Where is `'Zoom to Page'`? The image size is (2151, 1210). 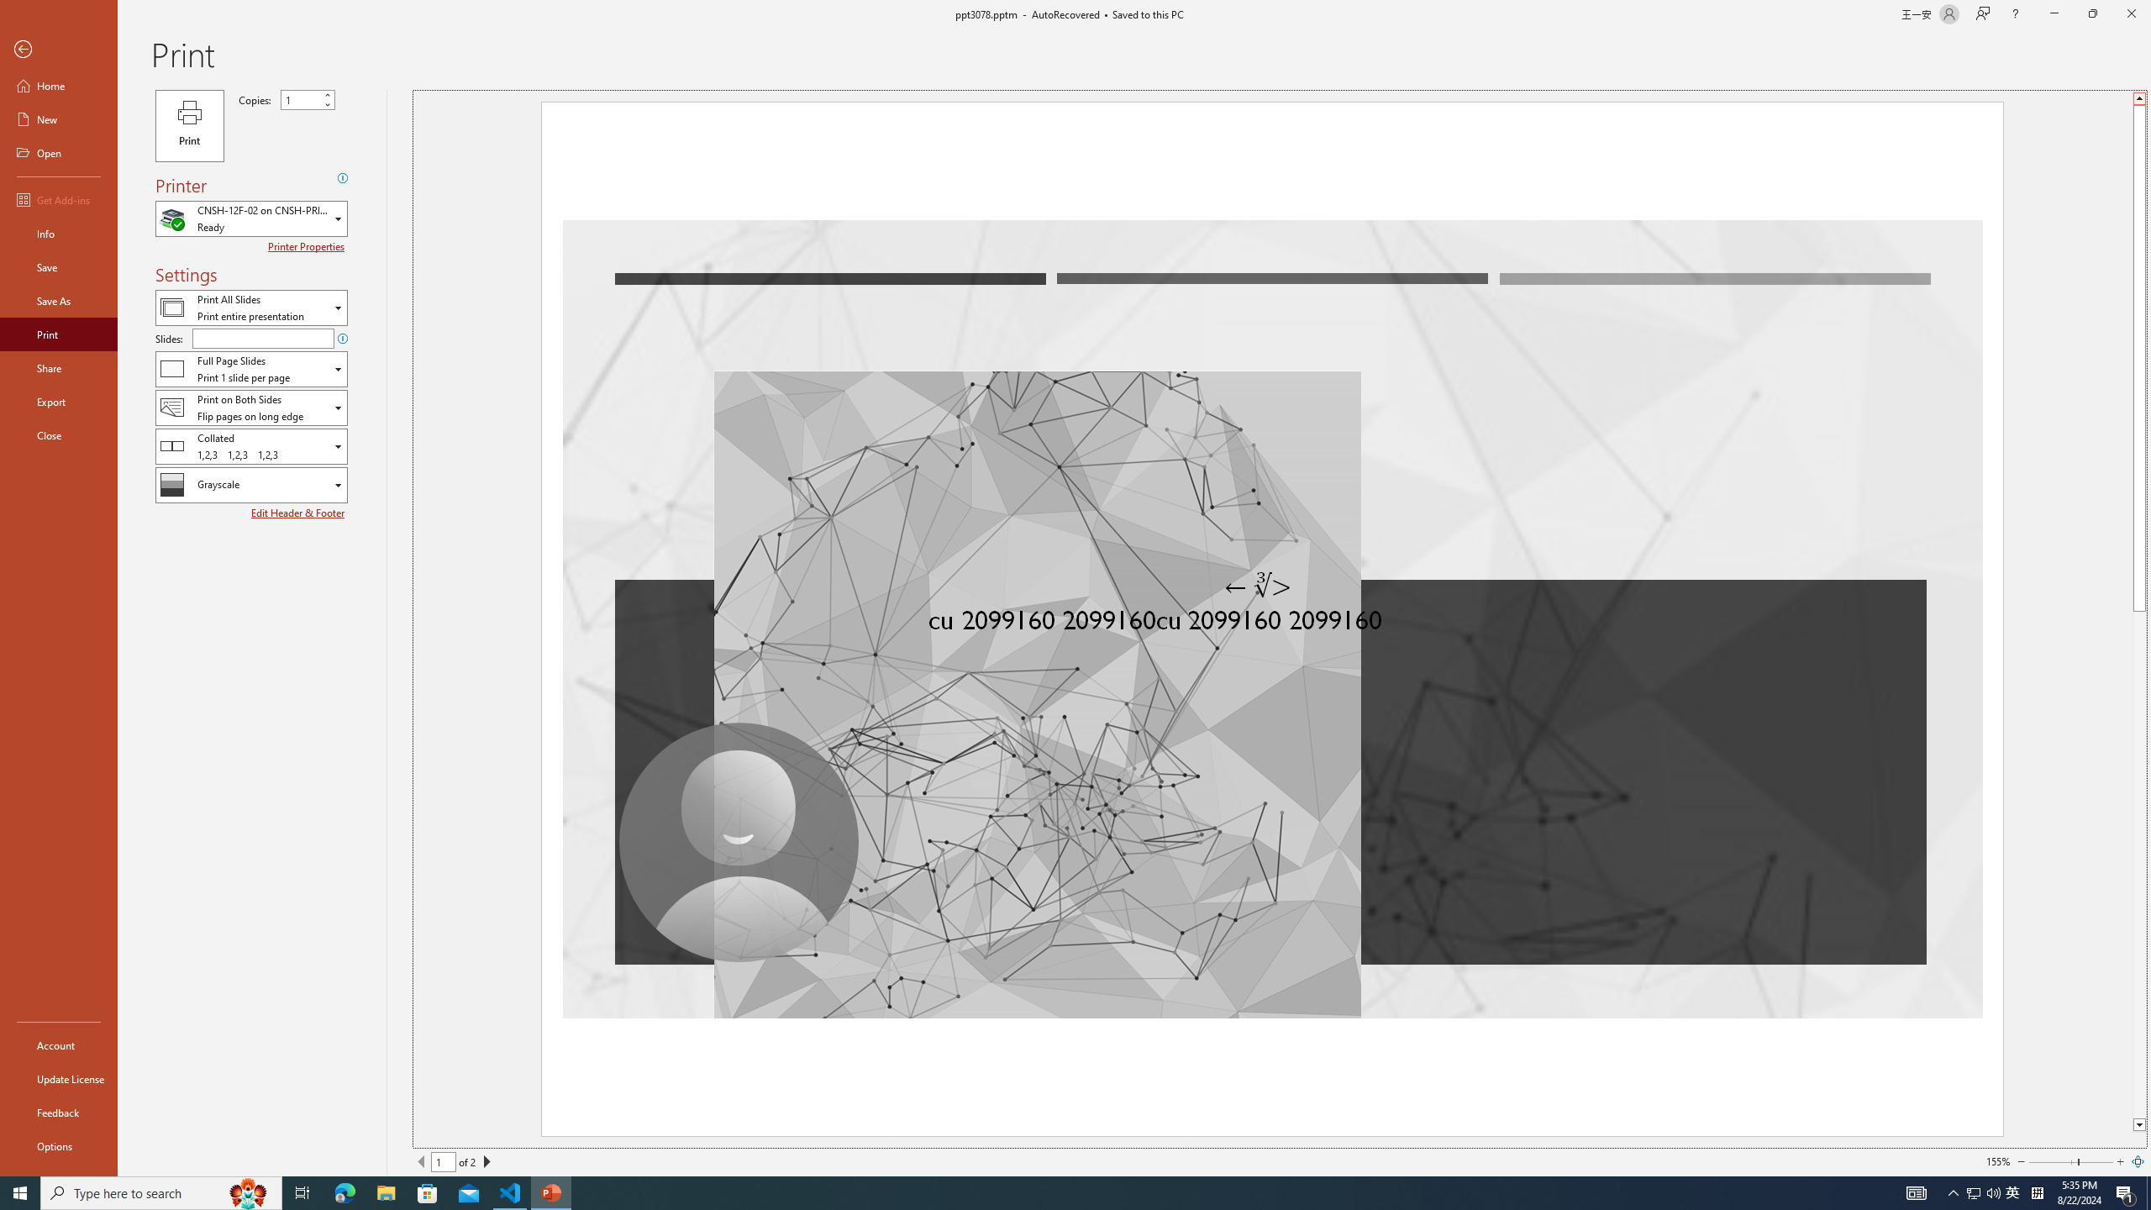
'Zoom to Page' is located at coordinates (2137, 1161).